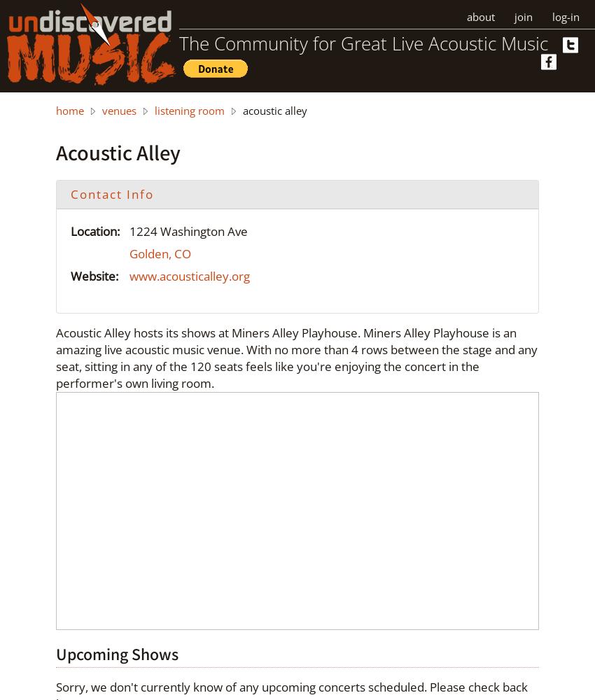 The width and height of the screenshot is (595, 700). What do you see at coordinates (479, 17) in the screenshot?
I see `'about'` at bounding box center [479, 17].